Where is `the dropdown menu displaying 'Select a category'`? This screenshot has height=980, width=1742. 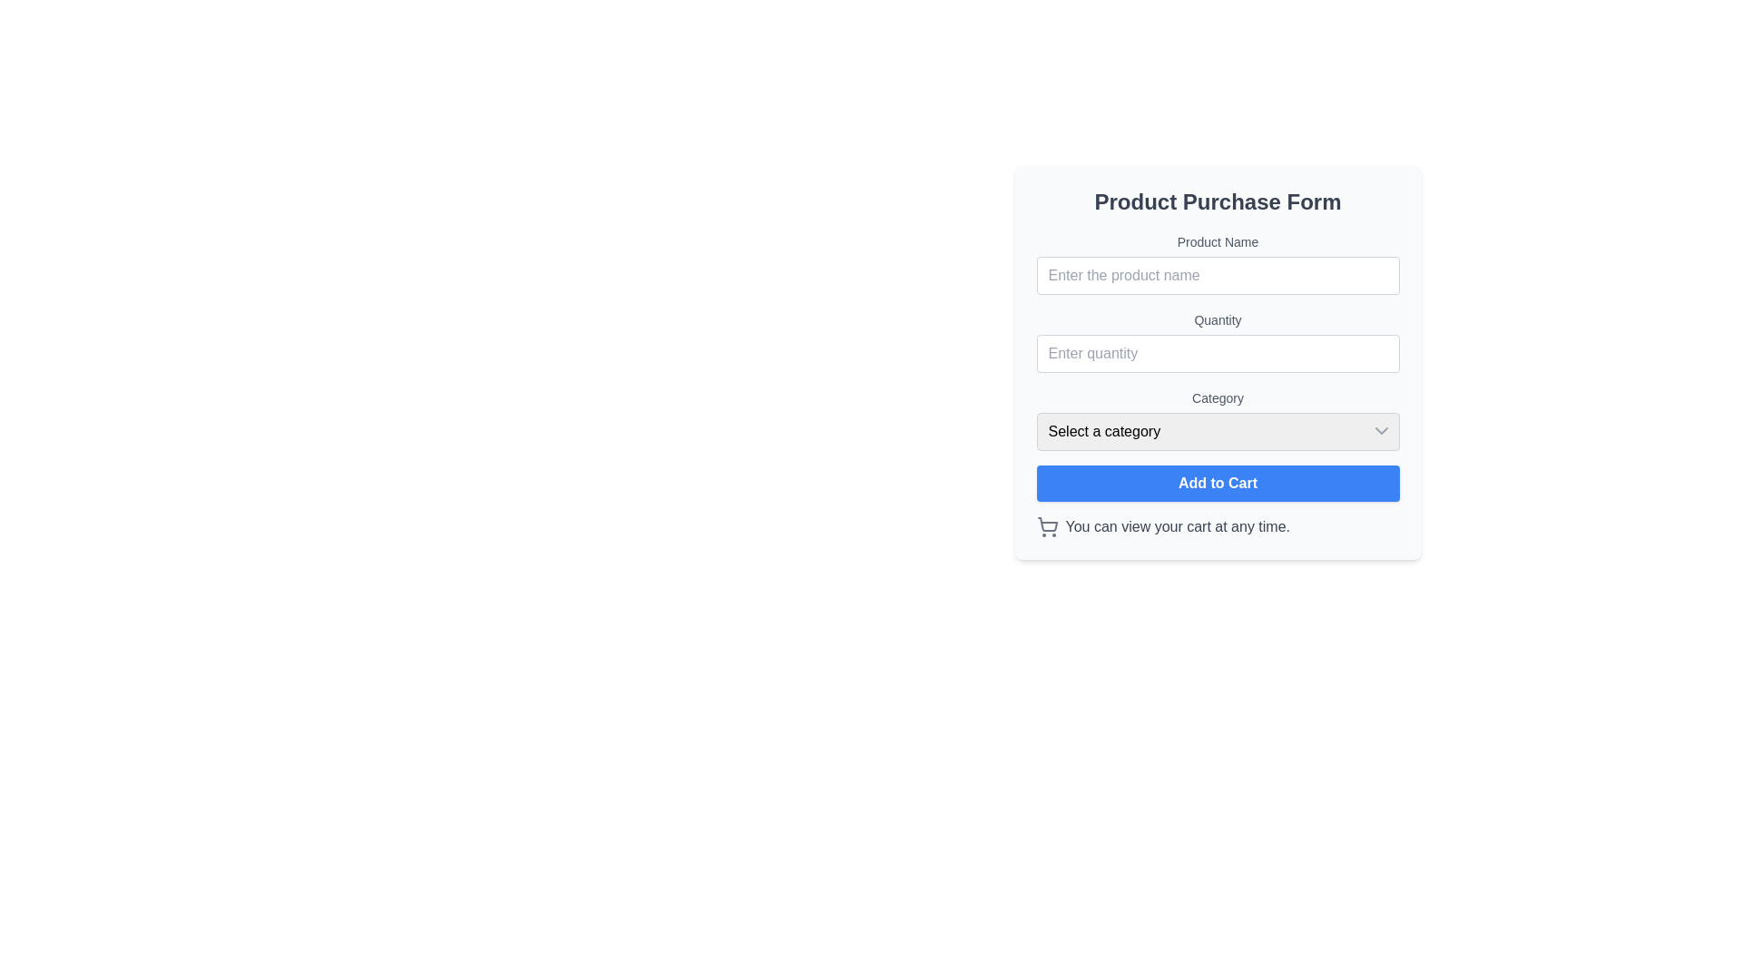
the dropdown menu displaying 'Select a category' is located at coordinates (1218, 431).